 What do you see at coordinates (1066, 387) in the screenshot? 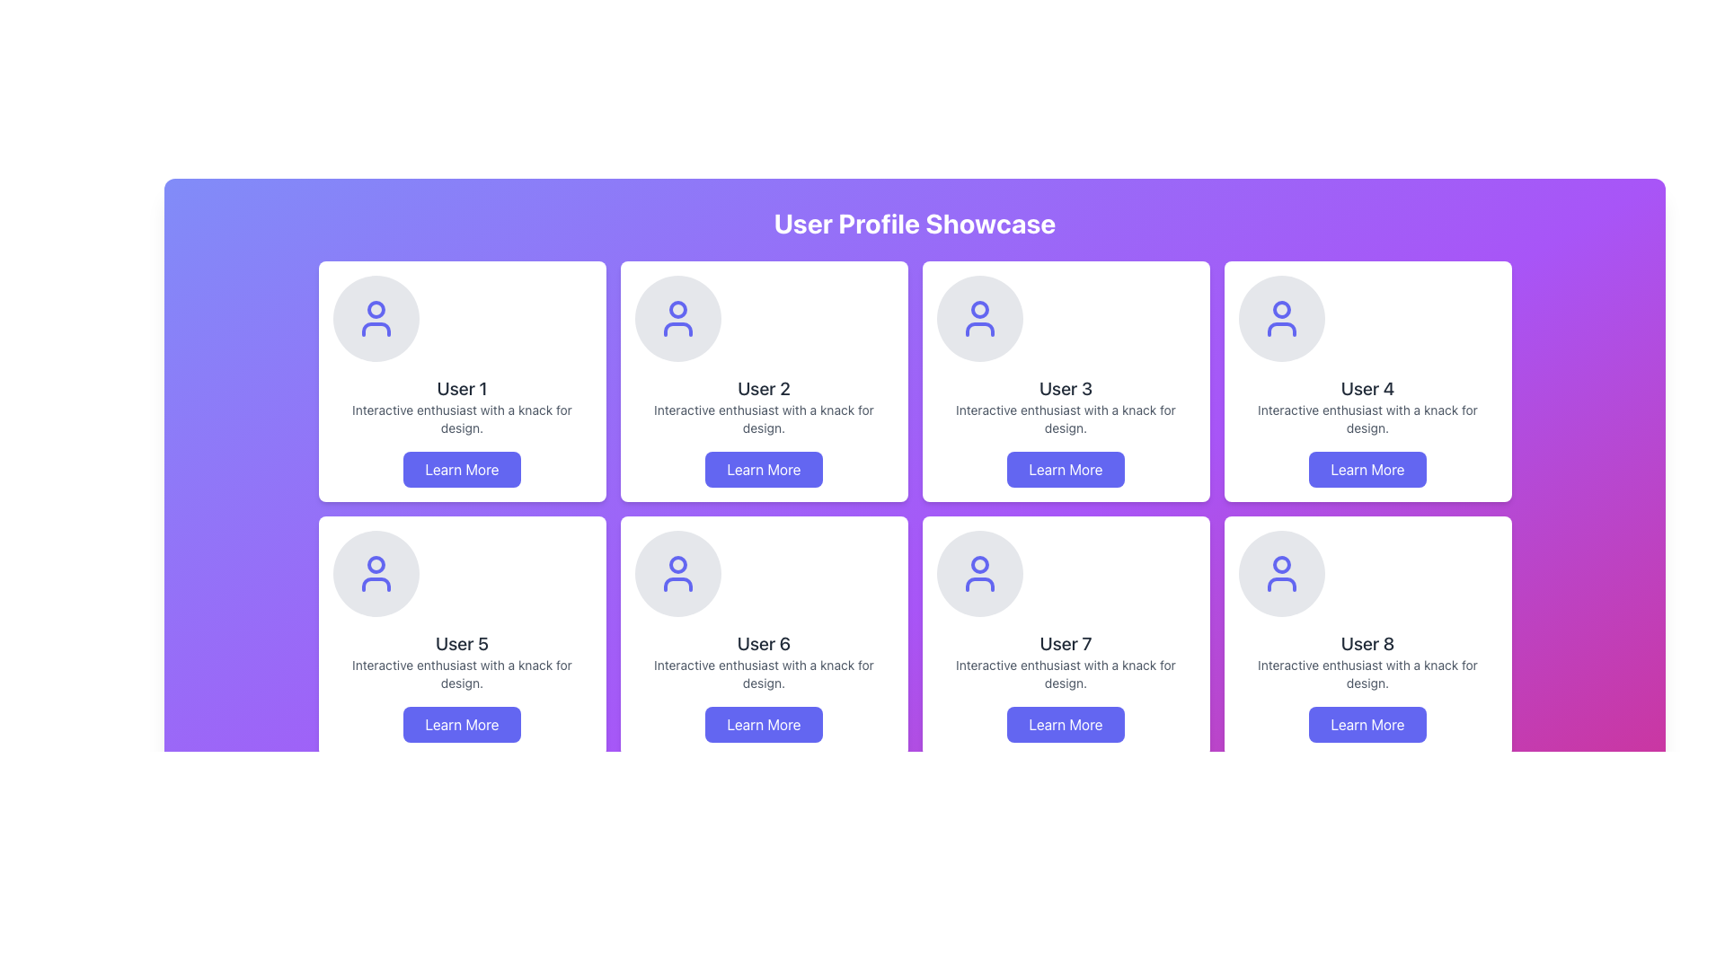
I see `the text label that reads 'User 3', styled with a large bold font in dark gray color, located centrally in the third profile card of the showcase grid` at bounding box center [1066, 387].